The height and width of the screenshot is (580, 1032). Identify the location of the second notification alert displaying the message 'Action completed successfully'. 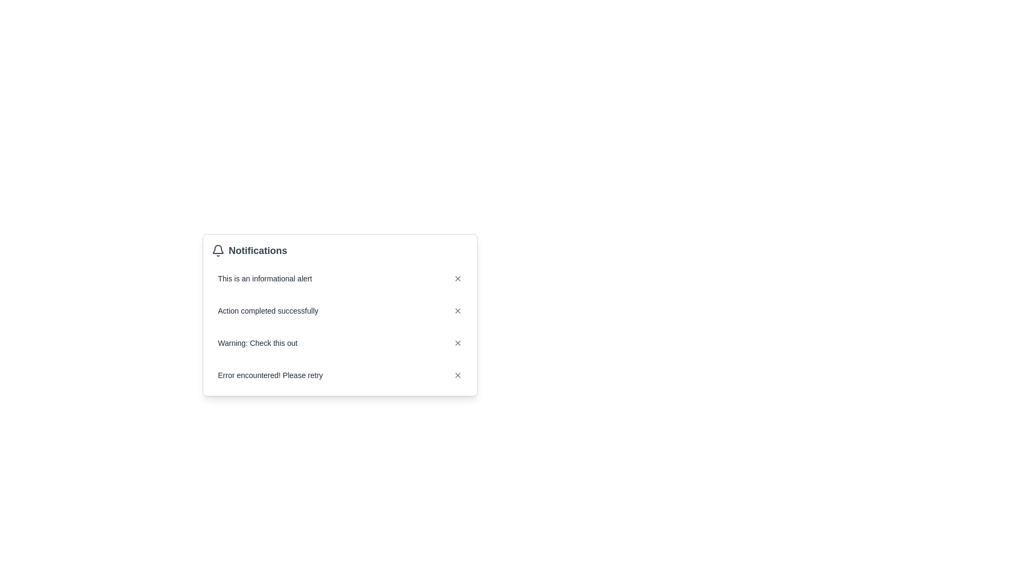
(339, 327).